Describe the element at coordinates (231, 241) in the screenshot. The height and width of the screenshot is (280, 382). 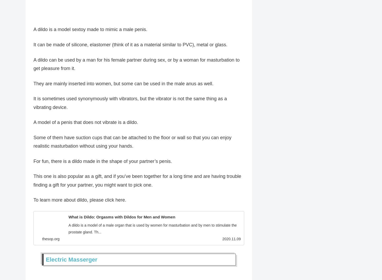
I see `'2020.11.09'` at that location.